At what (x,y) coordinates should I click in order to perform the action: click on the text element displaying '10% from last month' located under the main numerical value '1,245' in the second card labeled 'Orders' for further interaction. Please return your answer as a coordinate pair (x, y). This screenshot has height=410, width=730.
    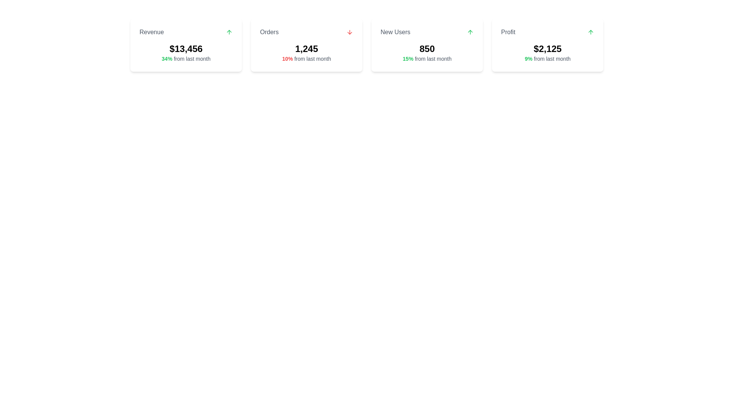
    Looking at the image, I should click on (287, 58).